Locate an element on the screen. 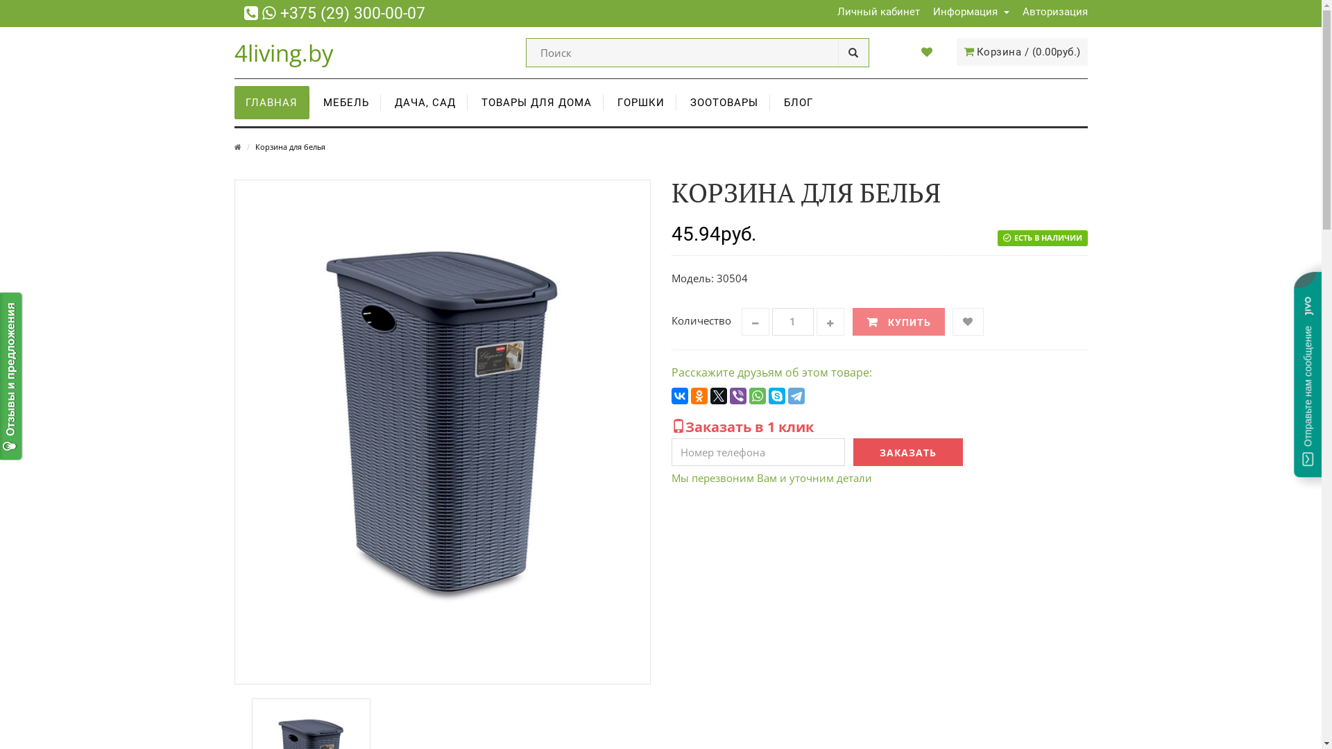 This screenshot has height=749, width=1332. 'Telegram' is located at coordinates (796, 395).